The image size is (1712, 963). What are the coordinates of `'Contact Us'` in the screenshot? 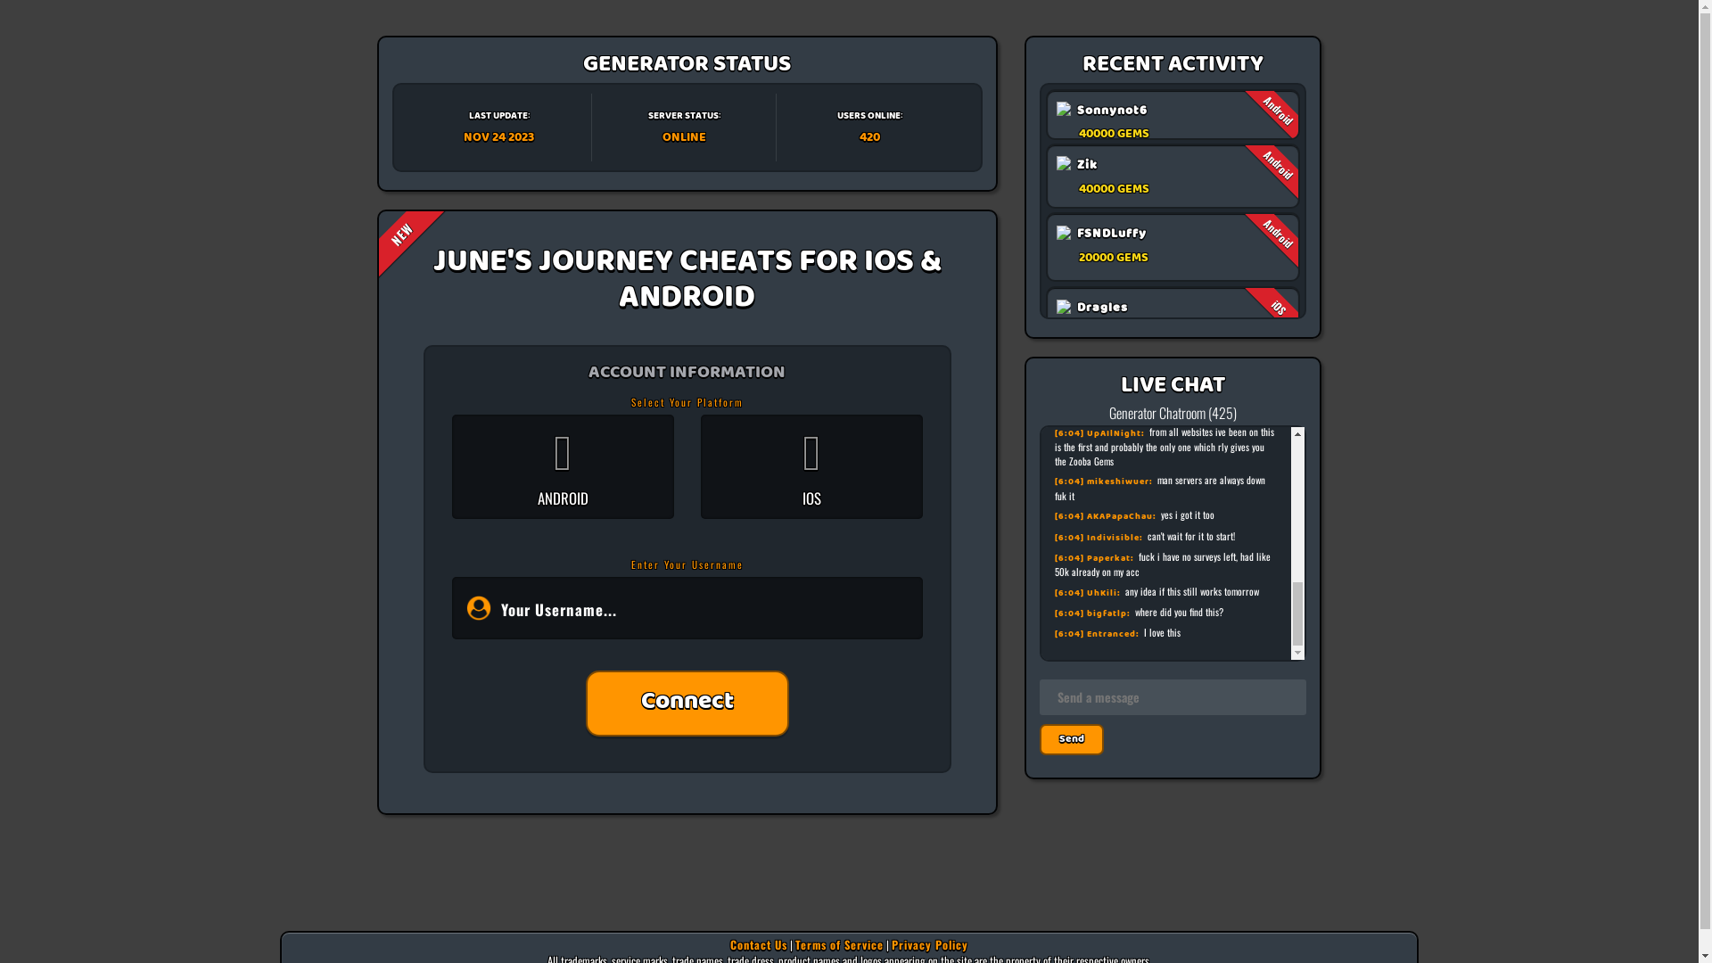 It's located at (758, 943).